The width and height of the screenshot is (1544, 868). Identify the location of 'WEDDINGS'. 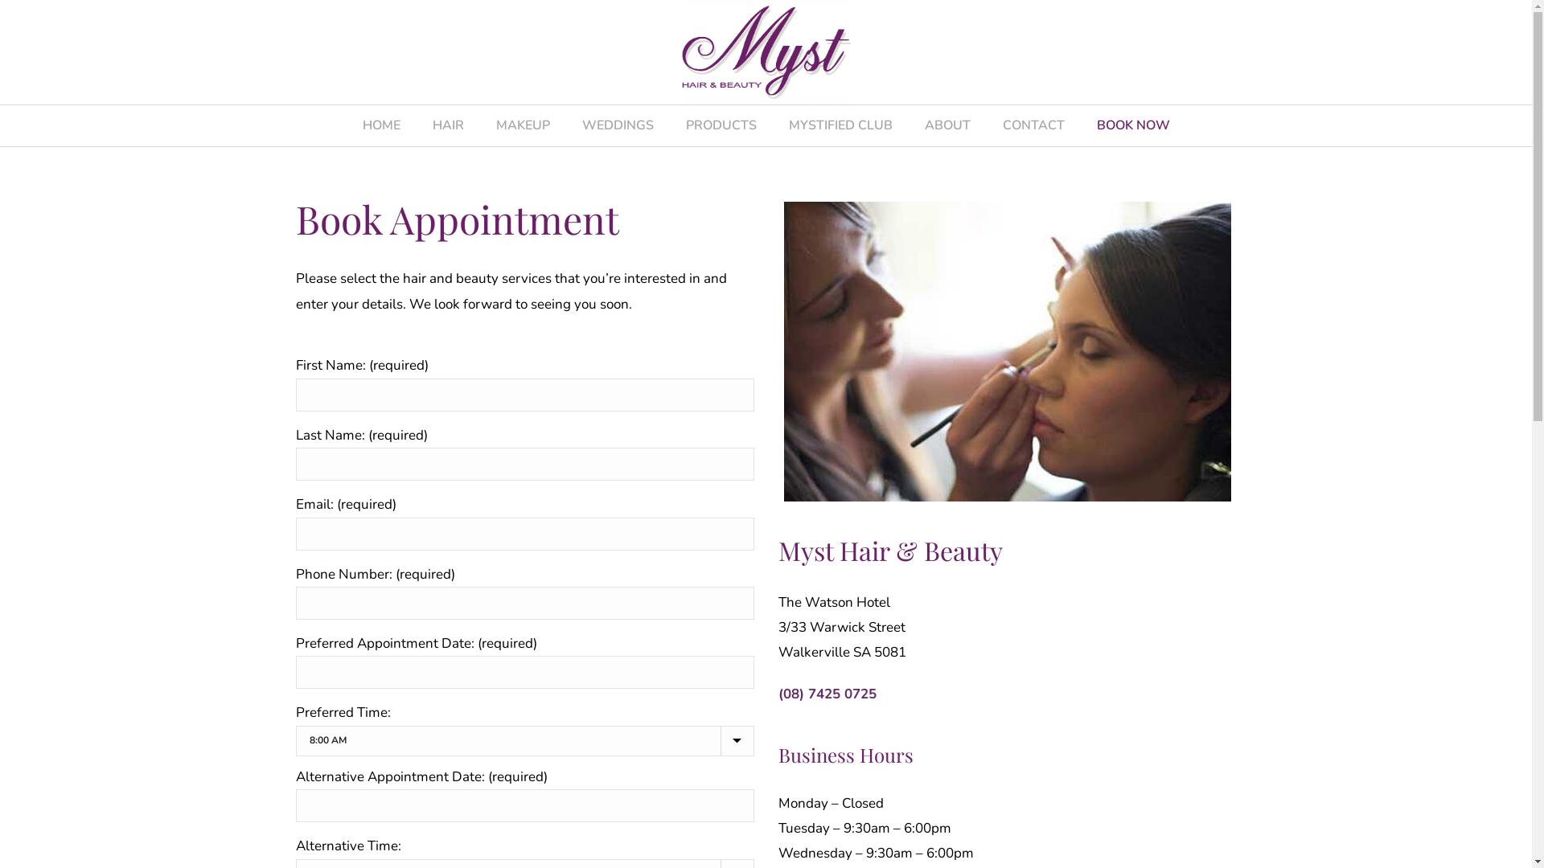
(617, 125).